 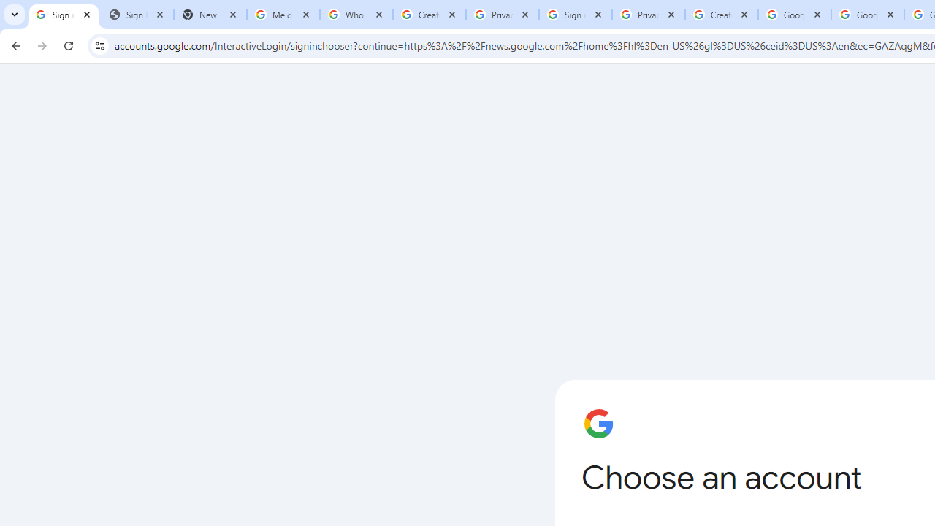 What do you see at coordinates (210, 15) in the screenshot?
I see `'New Tab'` at bounding box center [210, 15].